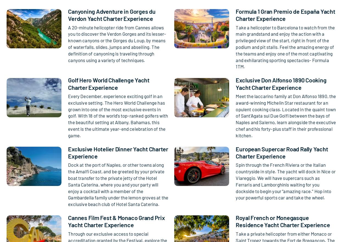 Image resolution: width=343 pixels, height=242 pixels. What do you see at coordinates (286, 115) in the screenshot?
I see `'Meet the Iaccarino family at Don Alfonso 1890, the award-winning Michelin Star restaurant for an opulent cooking class. Located in the quaint town of Sant’Agata sui Due Golfi between the bays of Naples and Salerno, learn alongside the executive chef and his forty-plus staff in their professional kitchen.'` at bounding box center [286, 115].